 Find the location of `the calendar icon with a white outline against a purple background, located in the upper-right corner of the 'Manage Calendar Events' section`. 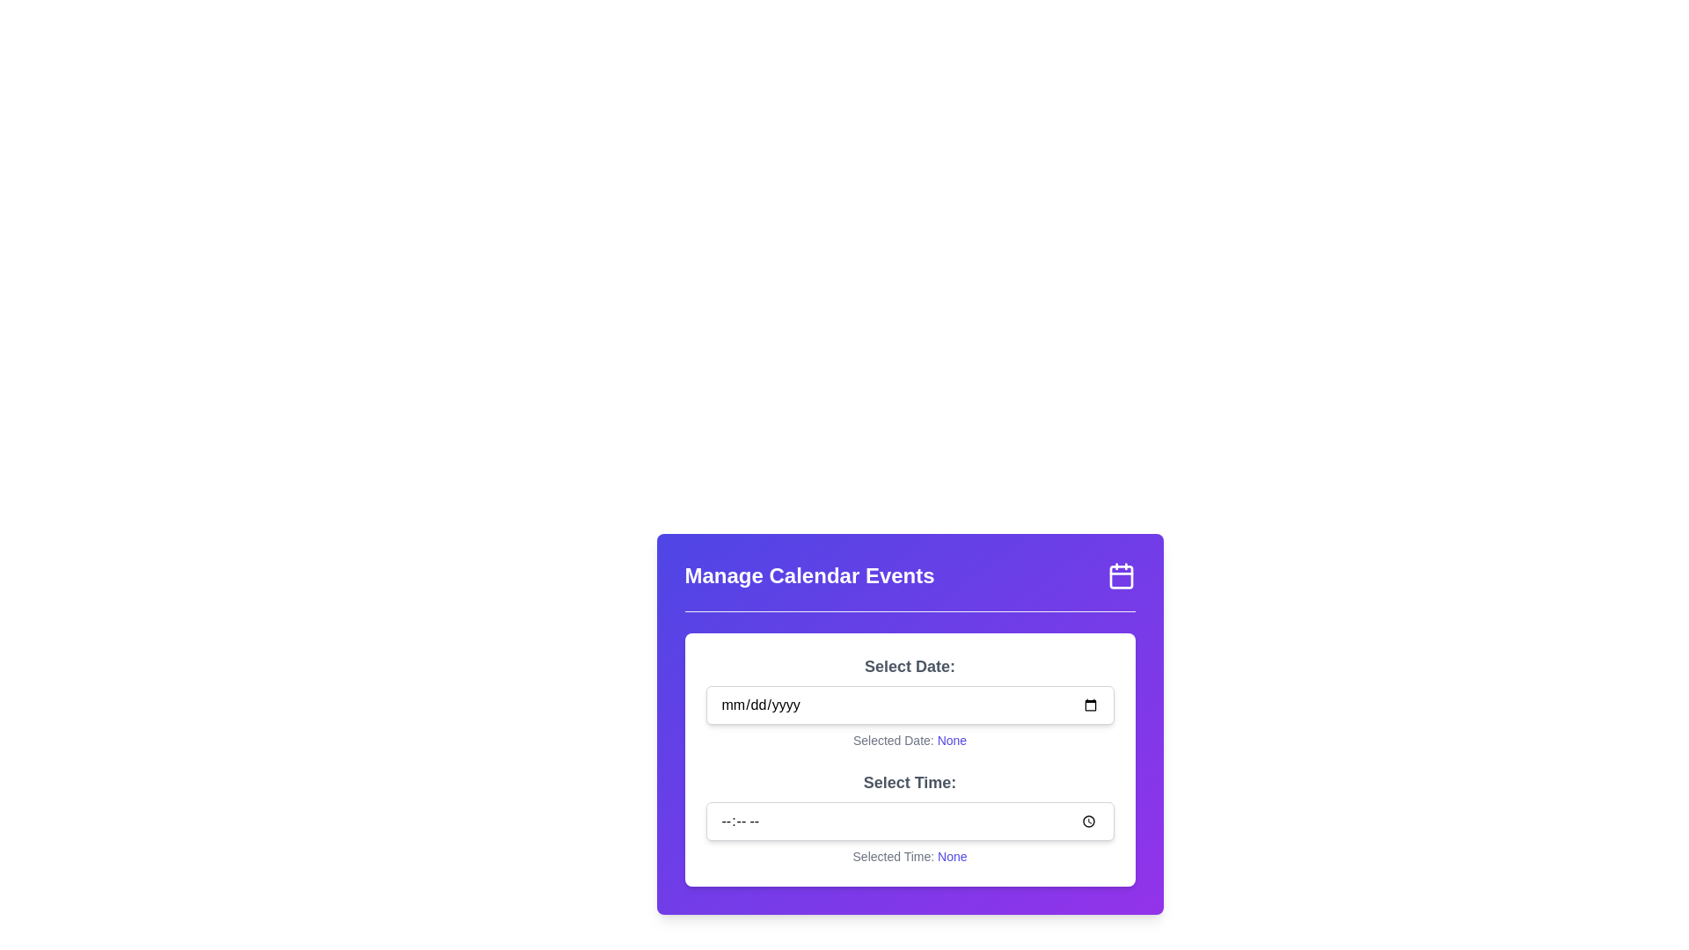

the calendar icon with a white outline against a purple background, located in the upper-right corner of the 'Manage Calendar Events' section is located at coordinates (1120, 576).